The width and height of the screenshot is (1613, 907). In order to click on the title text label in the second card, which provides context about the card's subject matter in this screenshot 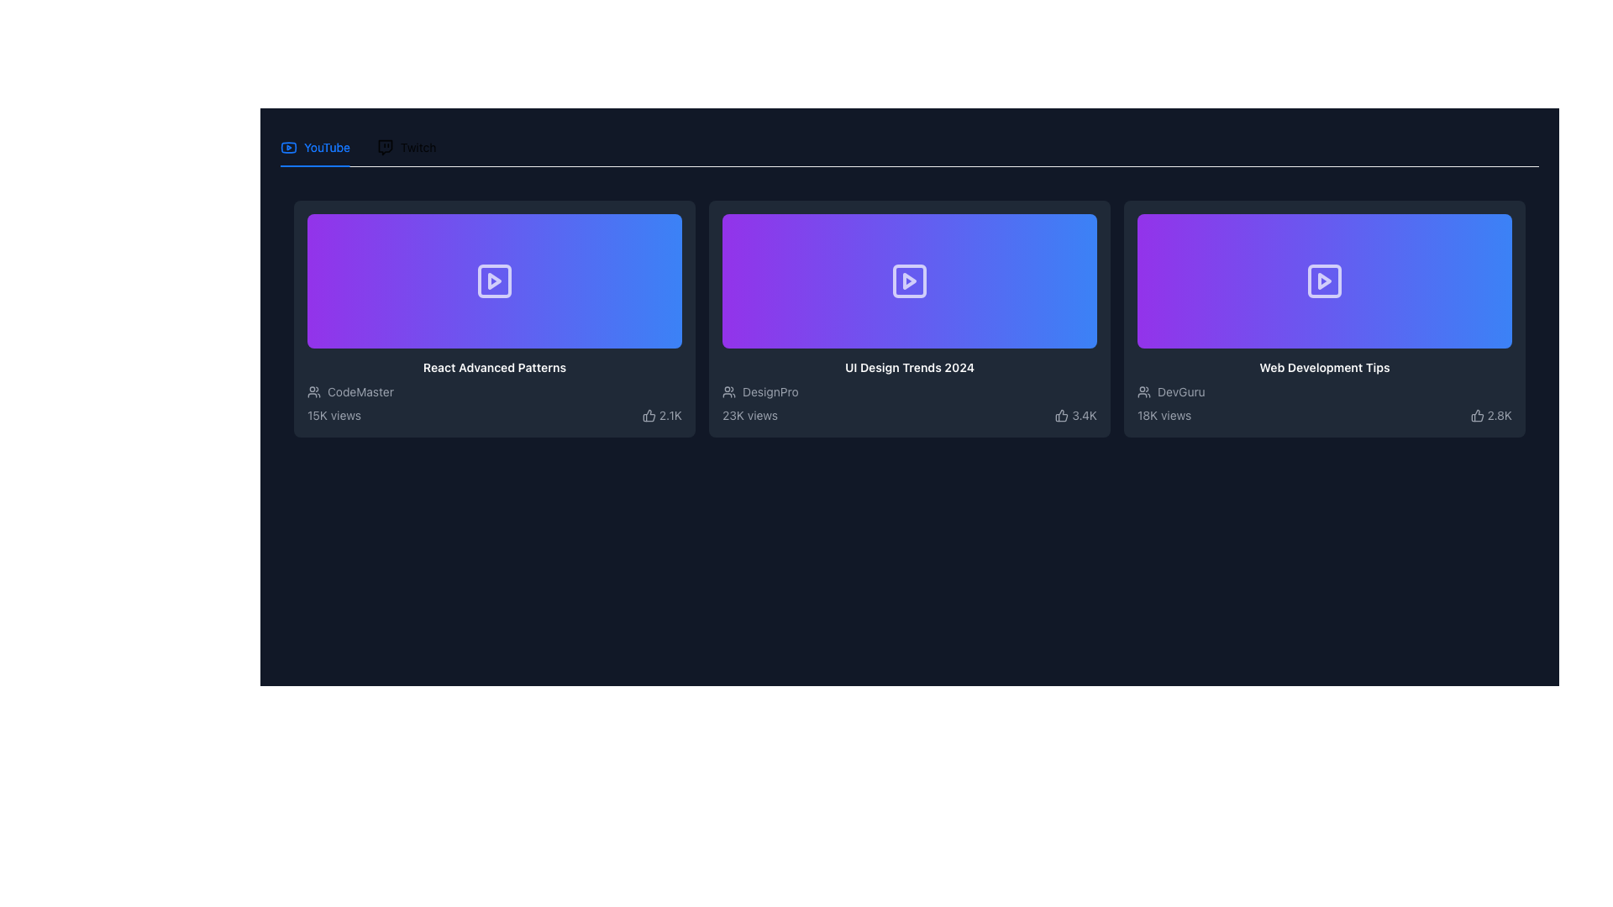, I will do `click(909, 367)`.